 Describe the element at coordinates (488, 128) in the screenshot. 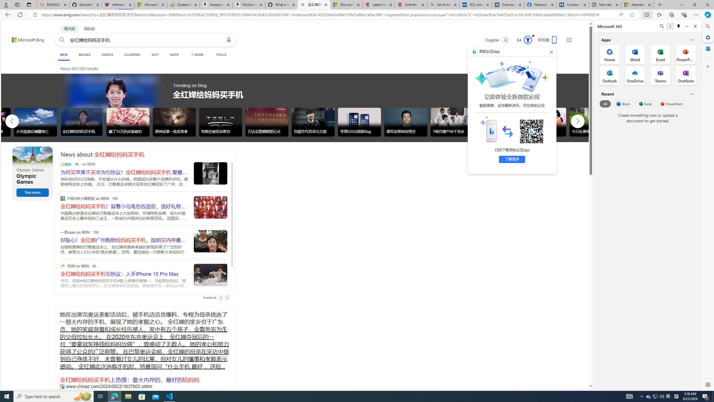

I see `'Class: rms_img'` at that location.